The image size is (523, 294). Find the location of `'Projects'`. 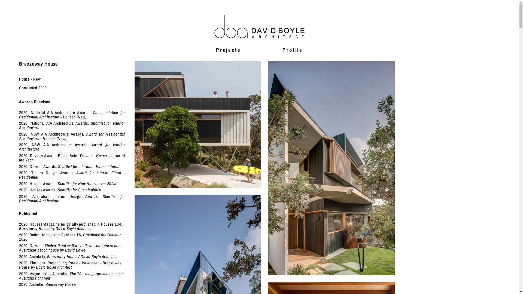

'Projects' is located at coordinates (228, 49).